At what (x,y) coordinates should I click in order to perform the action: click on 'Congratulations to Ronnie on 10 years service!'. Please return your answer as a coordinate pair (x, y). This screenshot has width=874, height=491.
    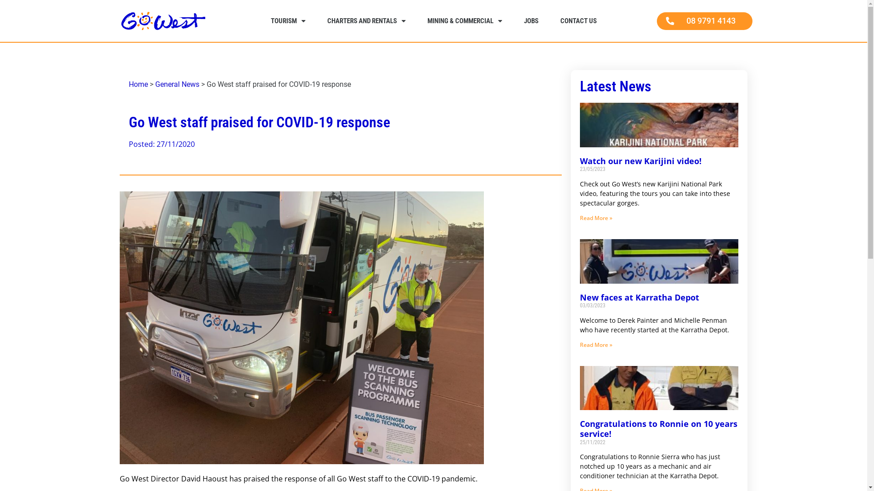
    Looking at the image, I should click on (658, 428).